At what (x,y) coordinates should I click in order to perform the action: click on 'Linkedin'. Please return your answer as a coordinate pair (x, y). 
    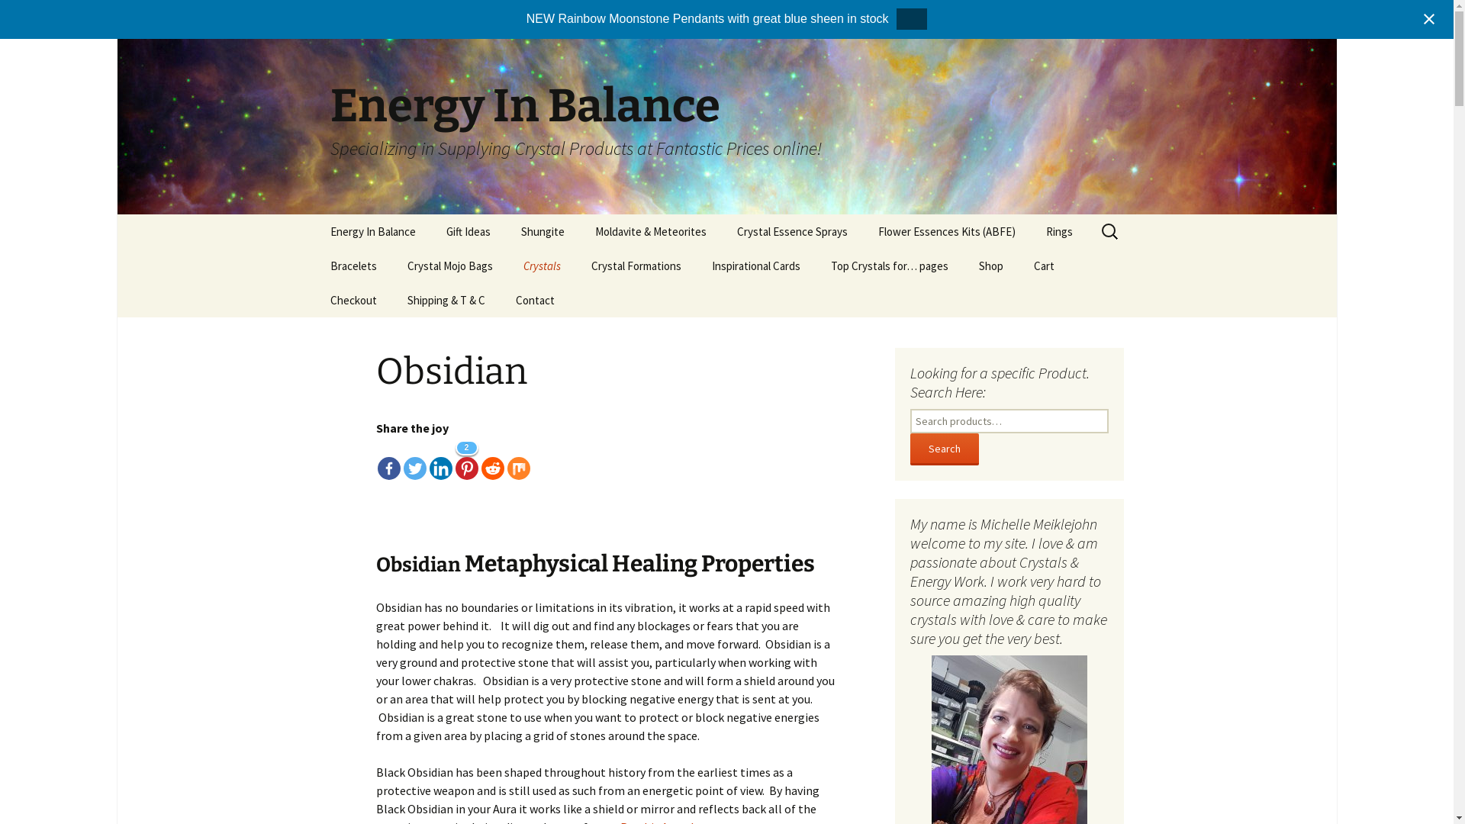
    Looking at the image, I should click on (439, 458).